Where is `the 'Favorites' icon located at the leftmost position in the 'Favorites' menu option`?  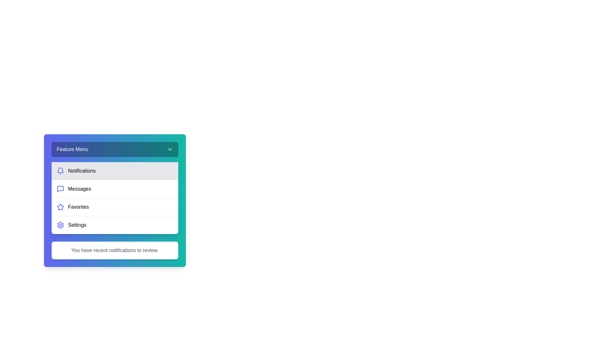
the 'Favorites' icon located at the leftmost position in the 'Favorites' menu option is located at coordinates (60, 207).